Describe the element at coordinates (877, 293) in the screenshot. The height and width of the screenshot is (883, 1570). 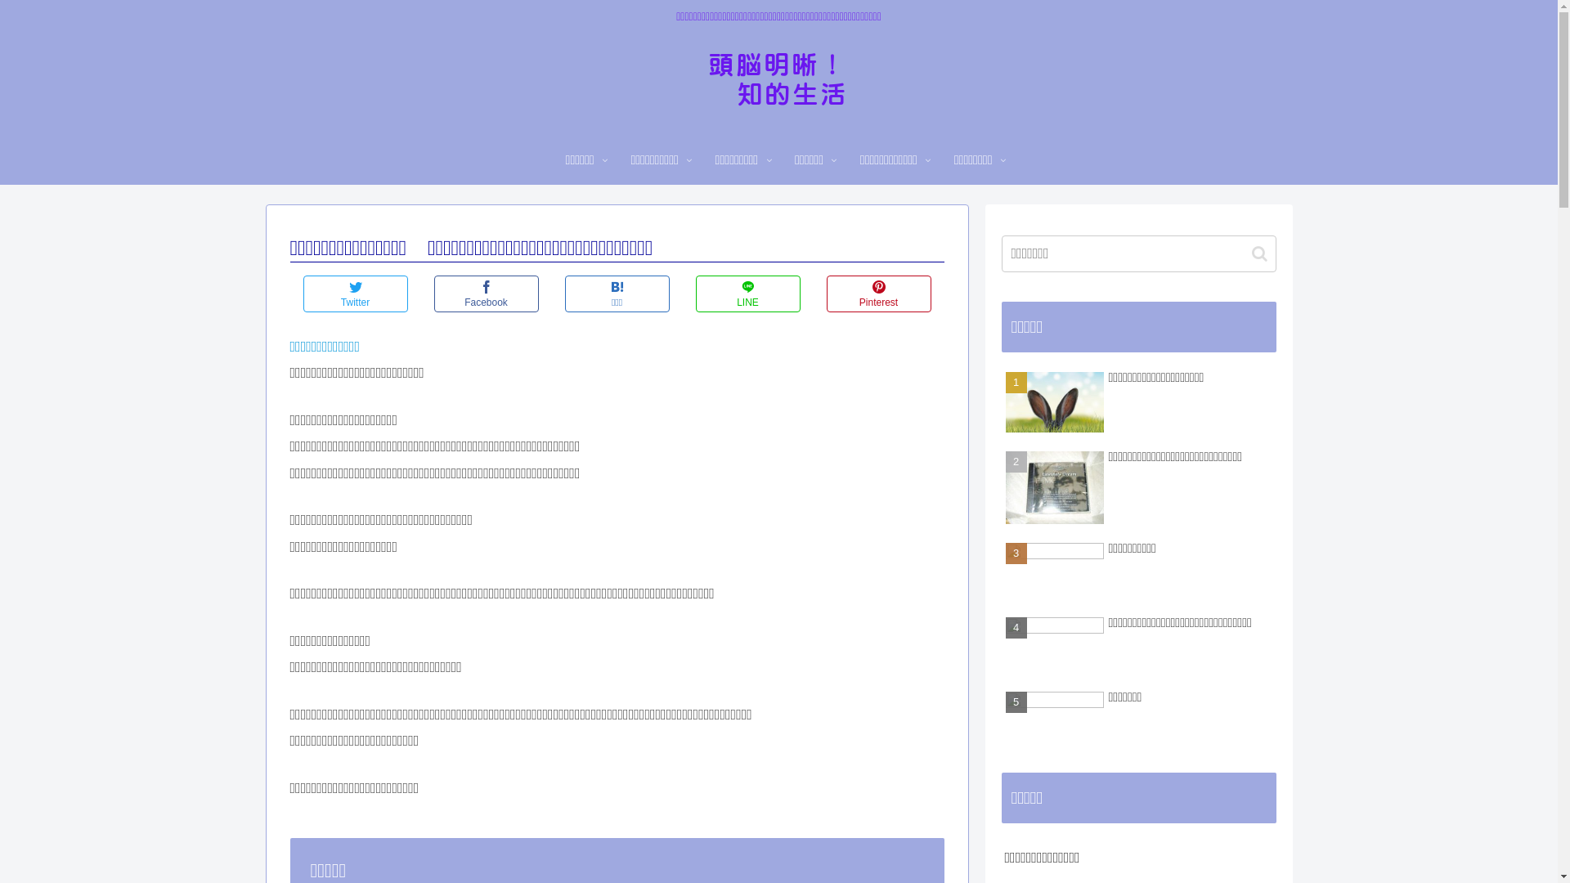
I see `'Pinterest'` at that location.